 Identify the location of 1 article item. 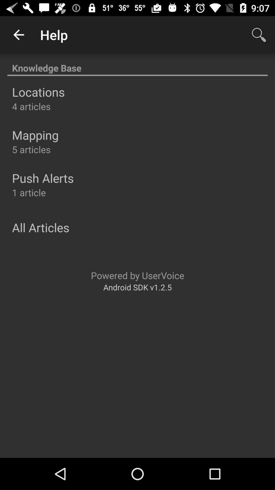
(29, 192).